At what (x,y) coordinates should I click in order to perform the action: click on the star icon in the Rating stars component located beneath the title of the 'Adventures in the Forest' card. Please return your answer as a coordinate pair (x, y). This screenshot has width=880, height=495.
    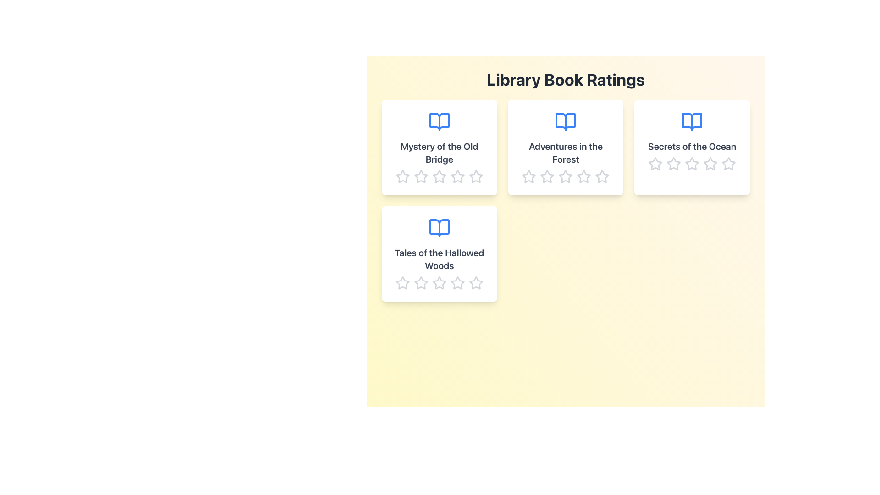
    Looking at the image, I should click on (565, 176).